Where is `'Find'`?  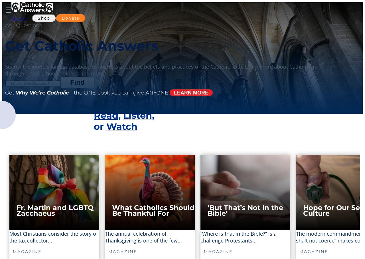
'Find' is located at coordinates (70, 82).